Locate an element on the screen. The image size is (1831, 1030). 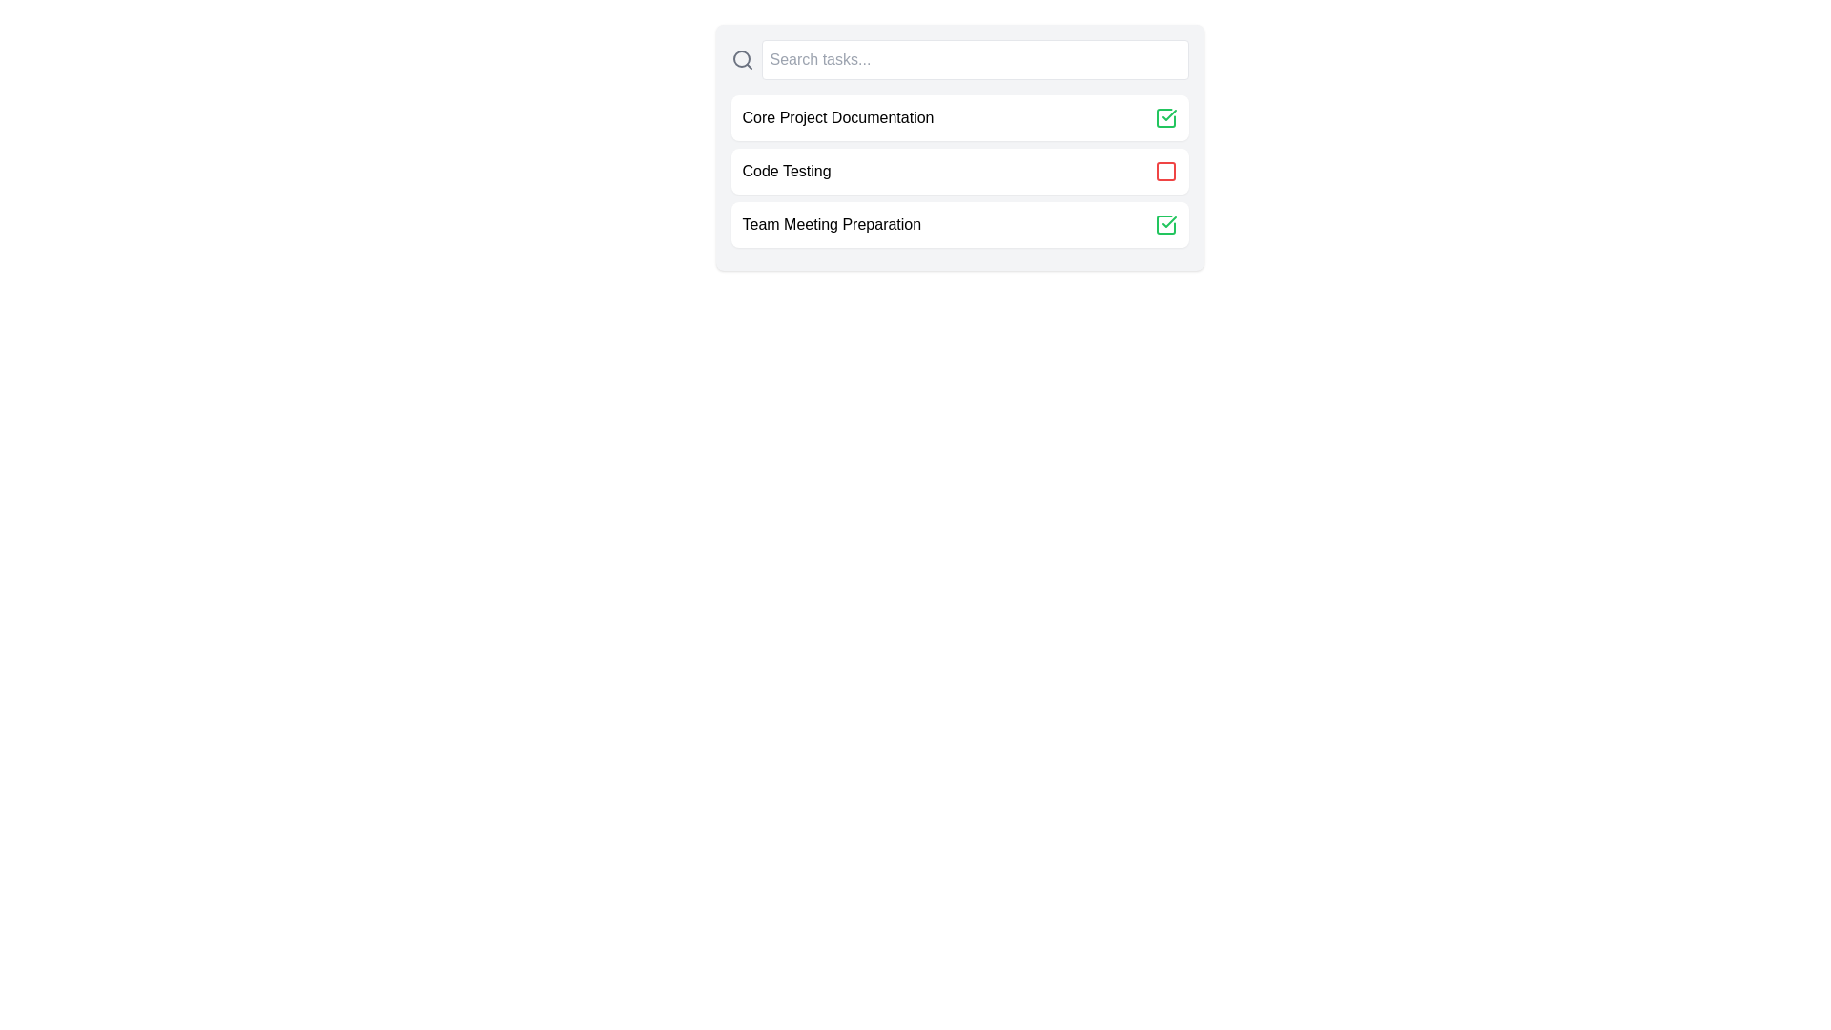
the text of the task named Core Project Documentation to select or highlight it is located at coordinates (837, 117).